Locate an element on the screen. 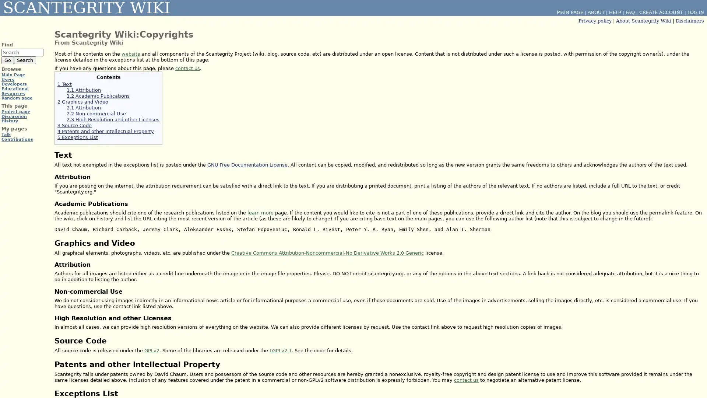 The image size is (707, 398). Search is located at coordinates (25, 60).